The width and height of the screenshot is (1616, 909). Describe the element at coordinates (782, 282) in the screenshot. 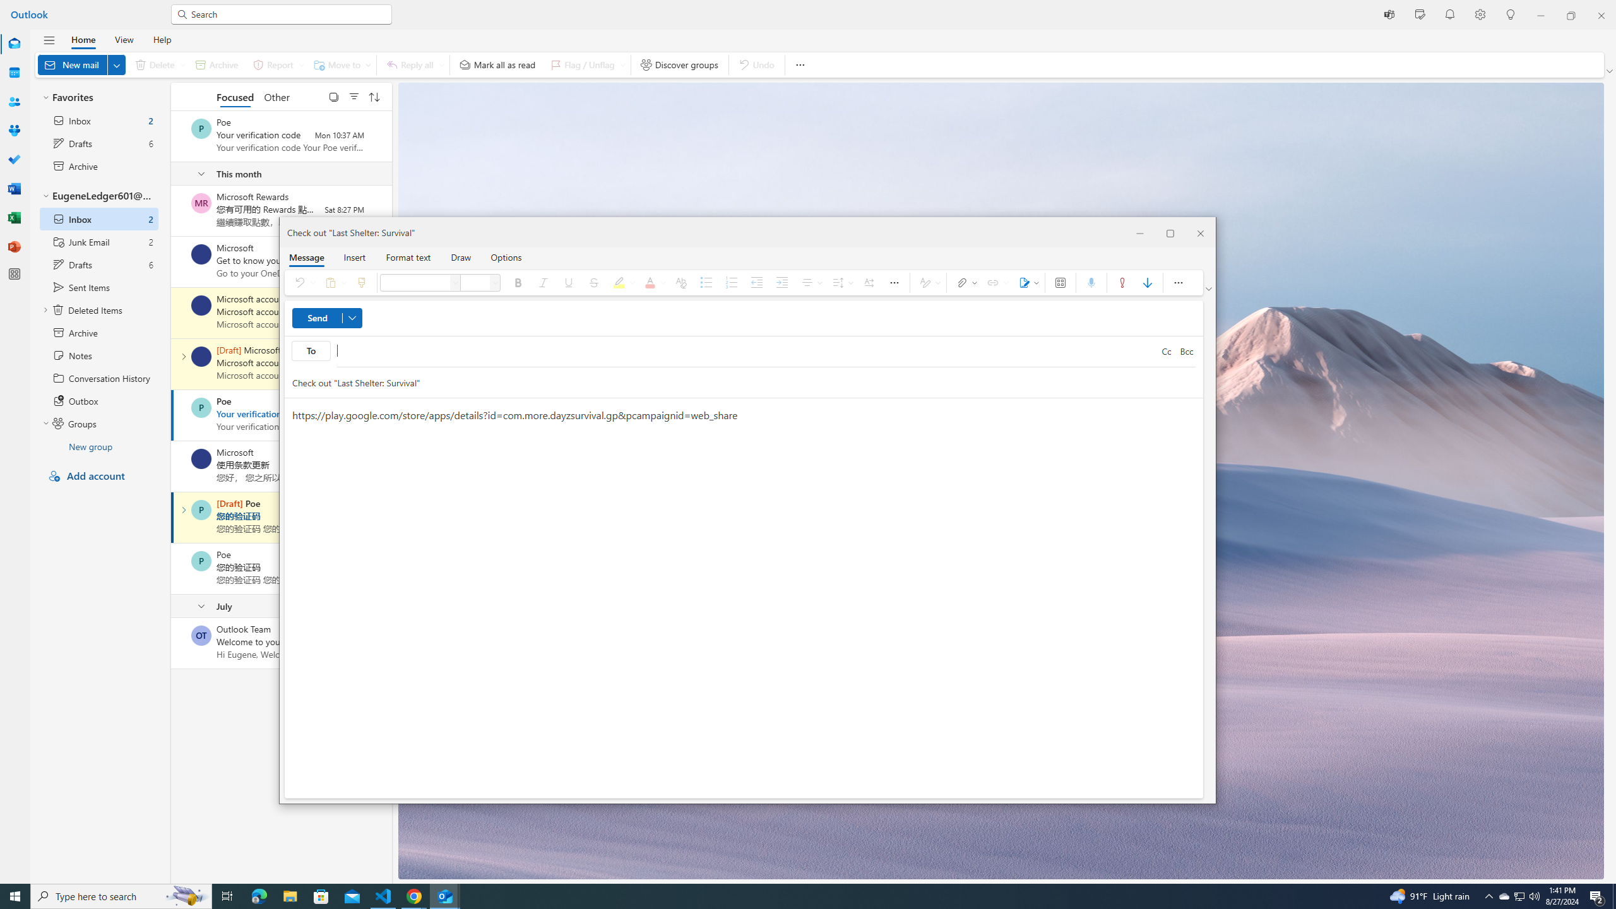

I see `'Increase indent'` at that location.